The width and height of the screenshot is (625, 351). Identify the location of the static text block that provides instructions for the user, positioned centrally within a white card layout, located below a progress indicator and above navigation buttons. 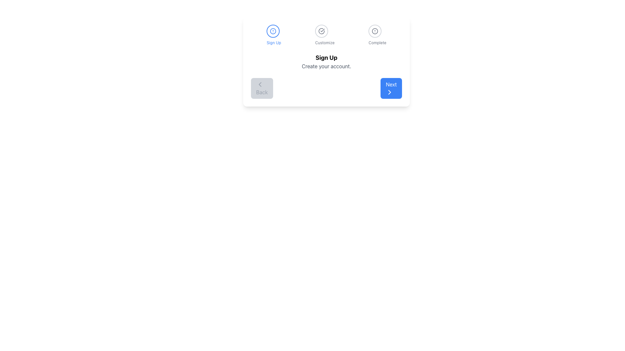
(326, 61).